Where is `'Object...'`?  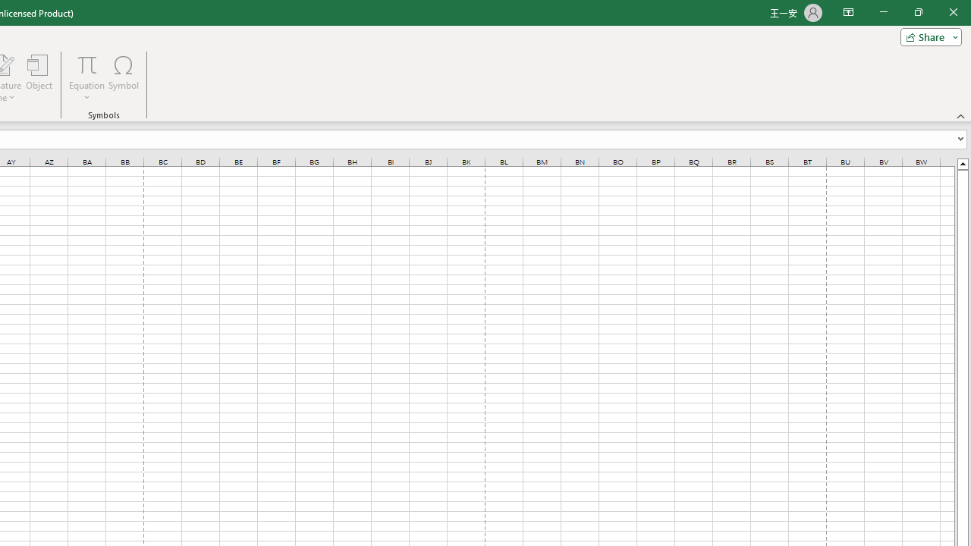 'Object...' is located at coordinates (39, 78).